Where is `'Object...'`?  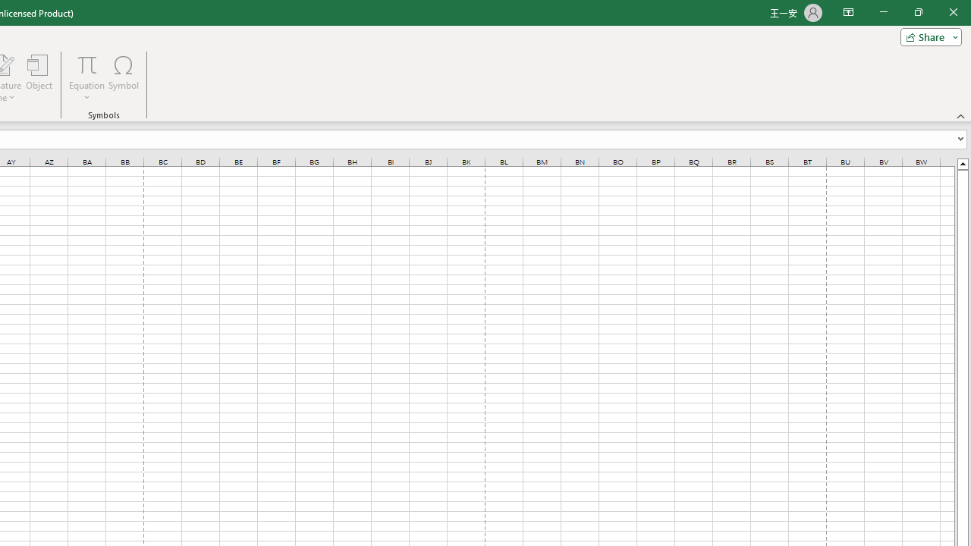 'Object...' is located at coordinates (39, 78).